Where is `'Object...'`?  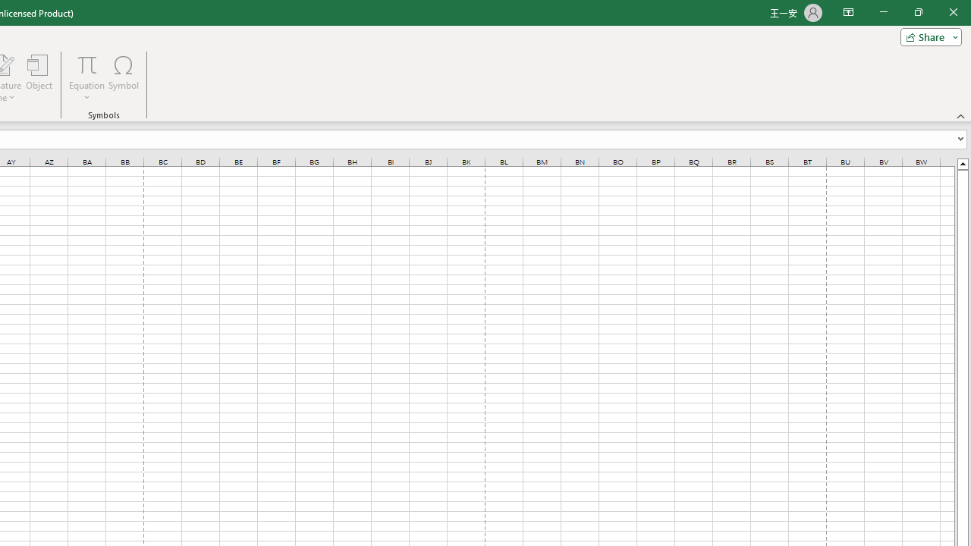 'Object...' is located at coordinates (39, 78).